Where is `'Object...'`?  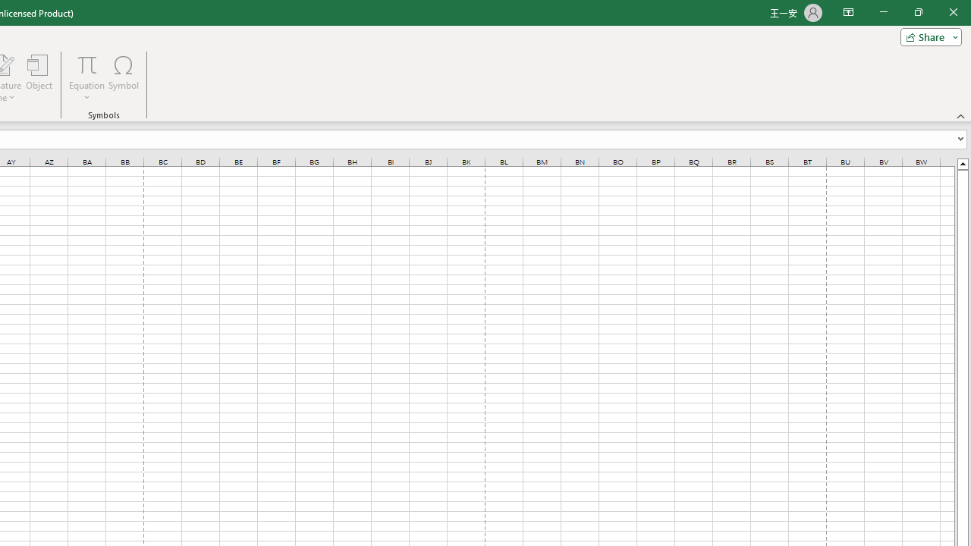 'Object...' is located at coordinates (39, 78).